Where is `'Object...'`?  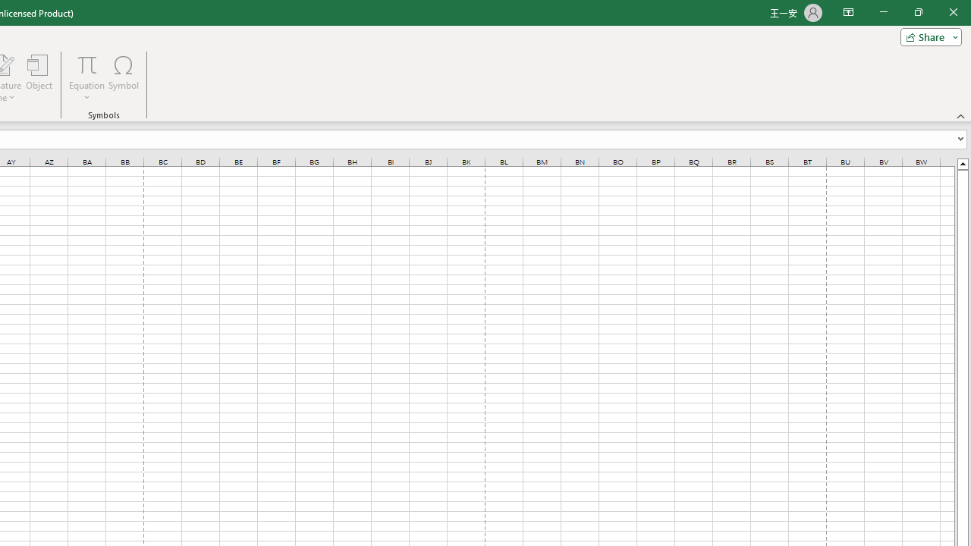 'Object...' is located at coordinates (39, 78).